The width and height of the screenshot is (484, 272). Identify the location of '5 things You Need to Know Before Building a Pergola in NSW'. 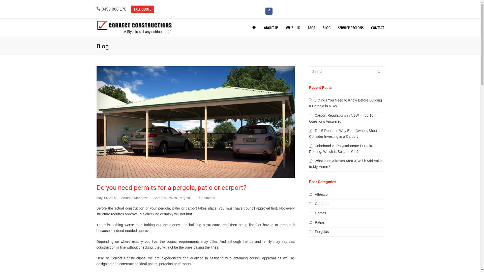
(345, 103).